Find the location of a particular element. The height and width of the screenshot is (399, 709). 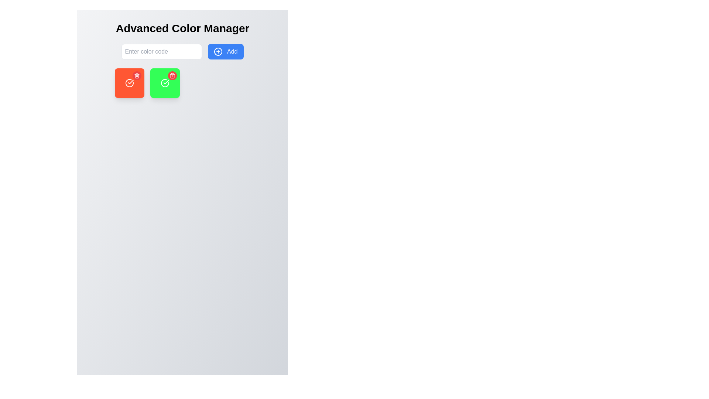

the success confirmation checkmark icon located centrally within the green square card in the Advanced Color Manager interface is located at coordinates (164, 83).